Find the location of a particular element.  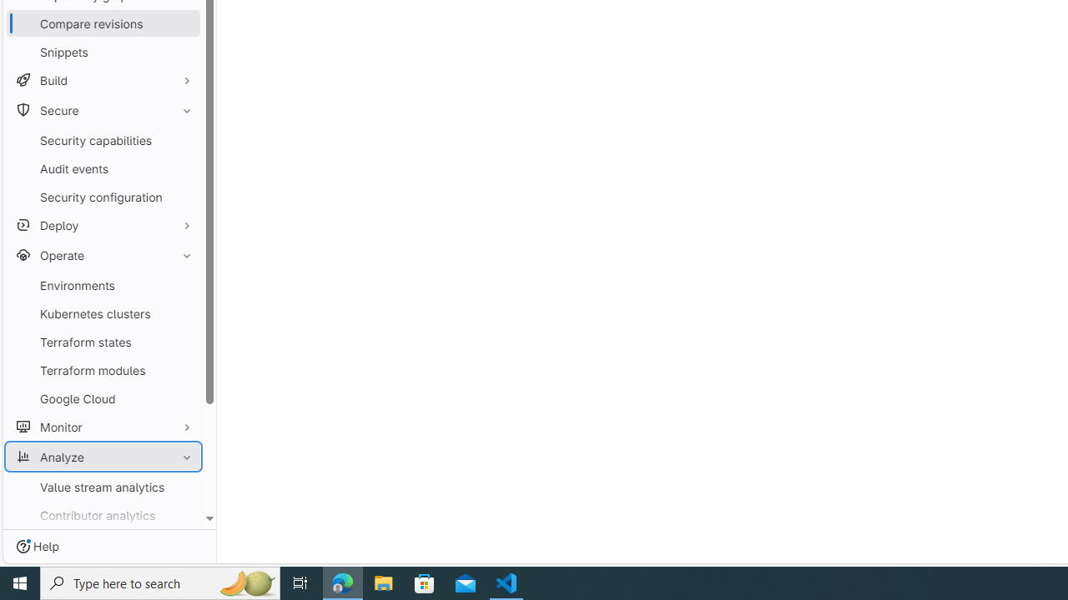

'Secure' is located at coordinates (103, 110).